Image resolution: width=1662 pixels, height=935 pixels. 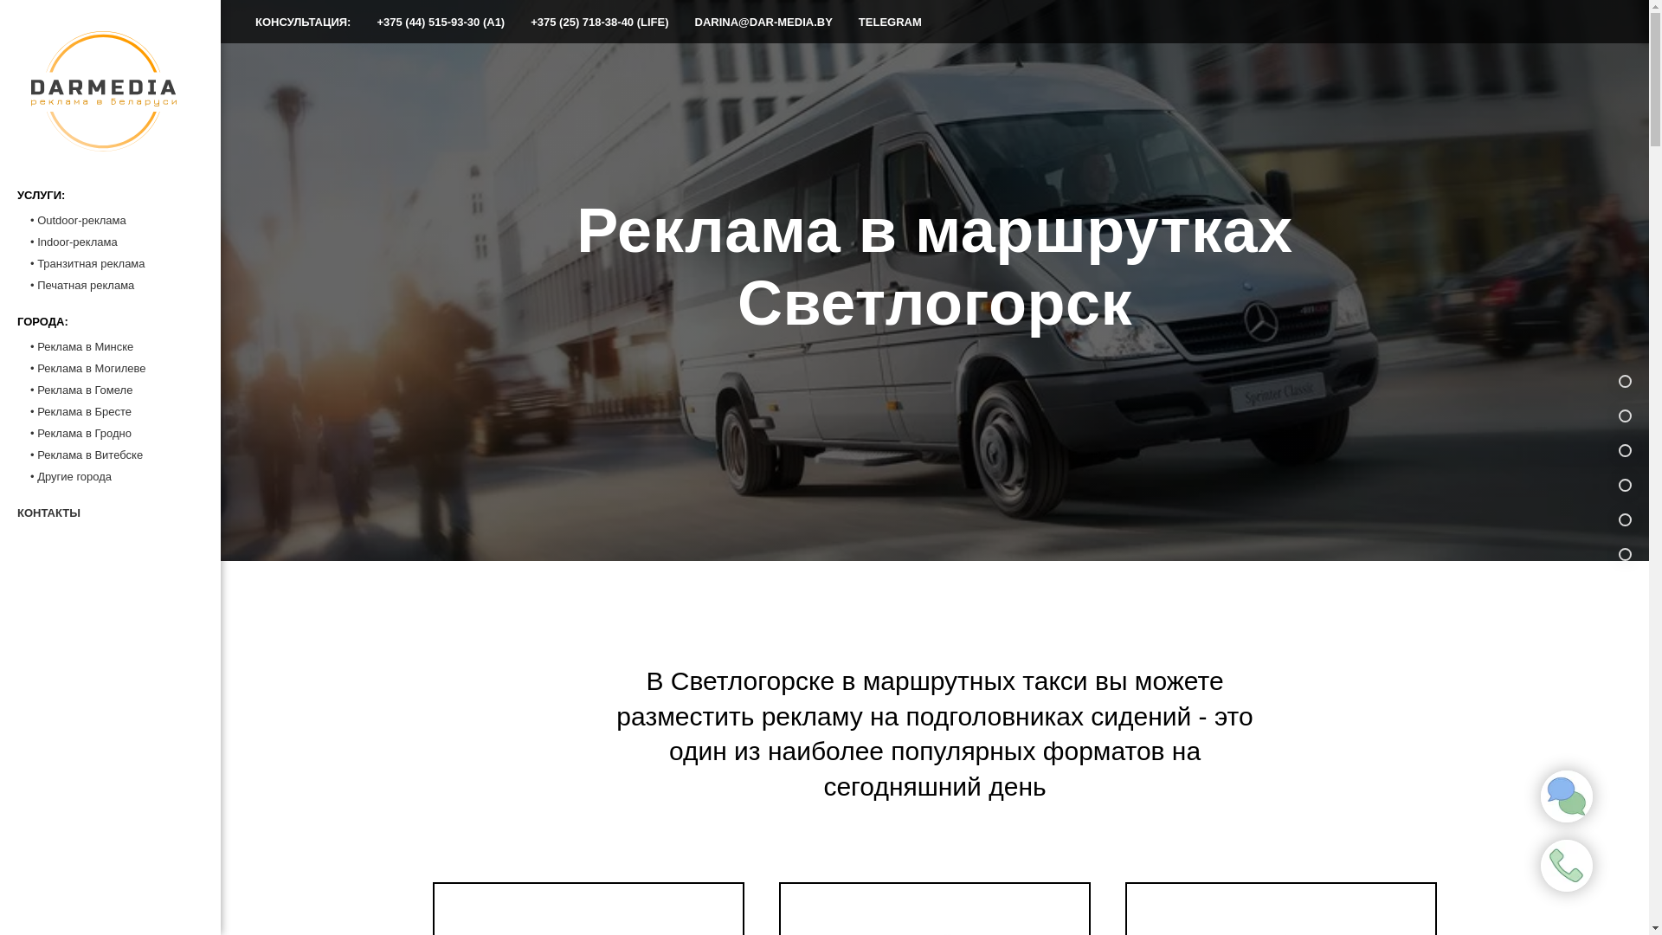 What do you see at coordinates (599, 22) in the screenshot?
I see `'+375 (25) 718-38-40 (LIFE)'` at bounding box center [599, 22].